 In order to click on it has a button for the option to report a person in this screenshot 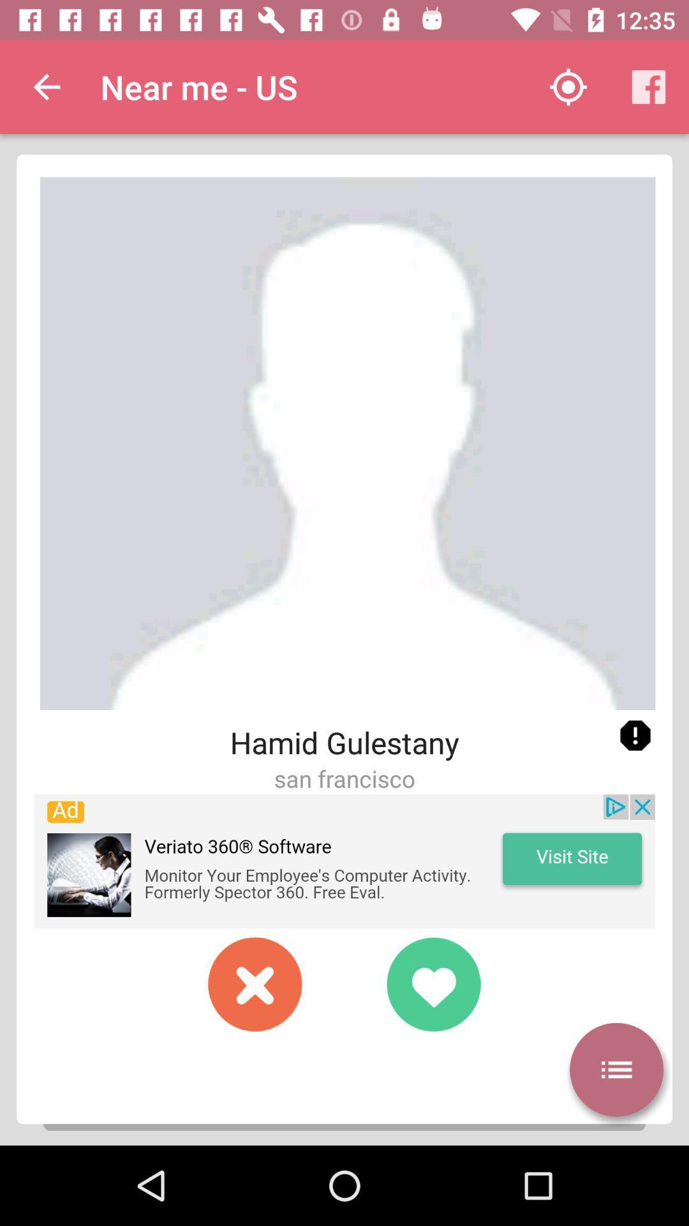, I will do `click(635, 736)`.